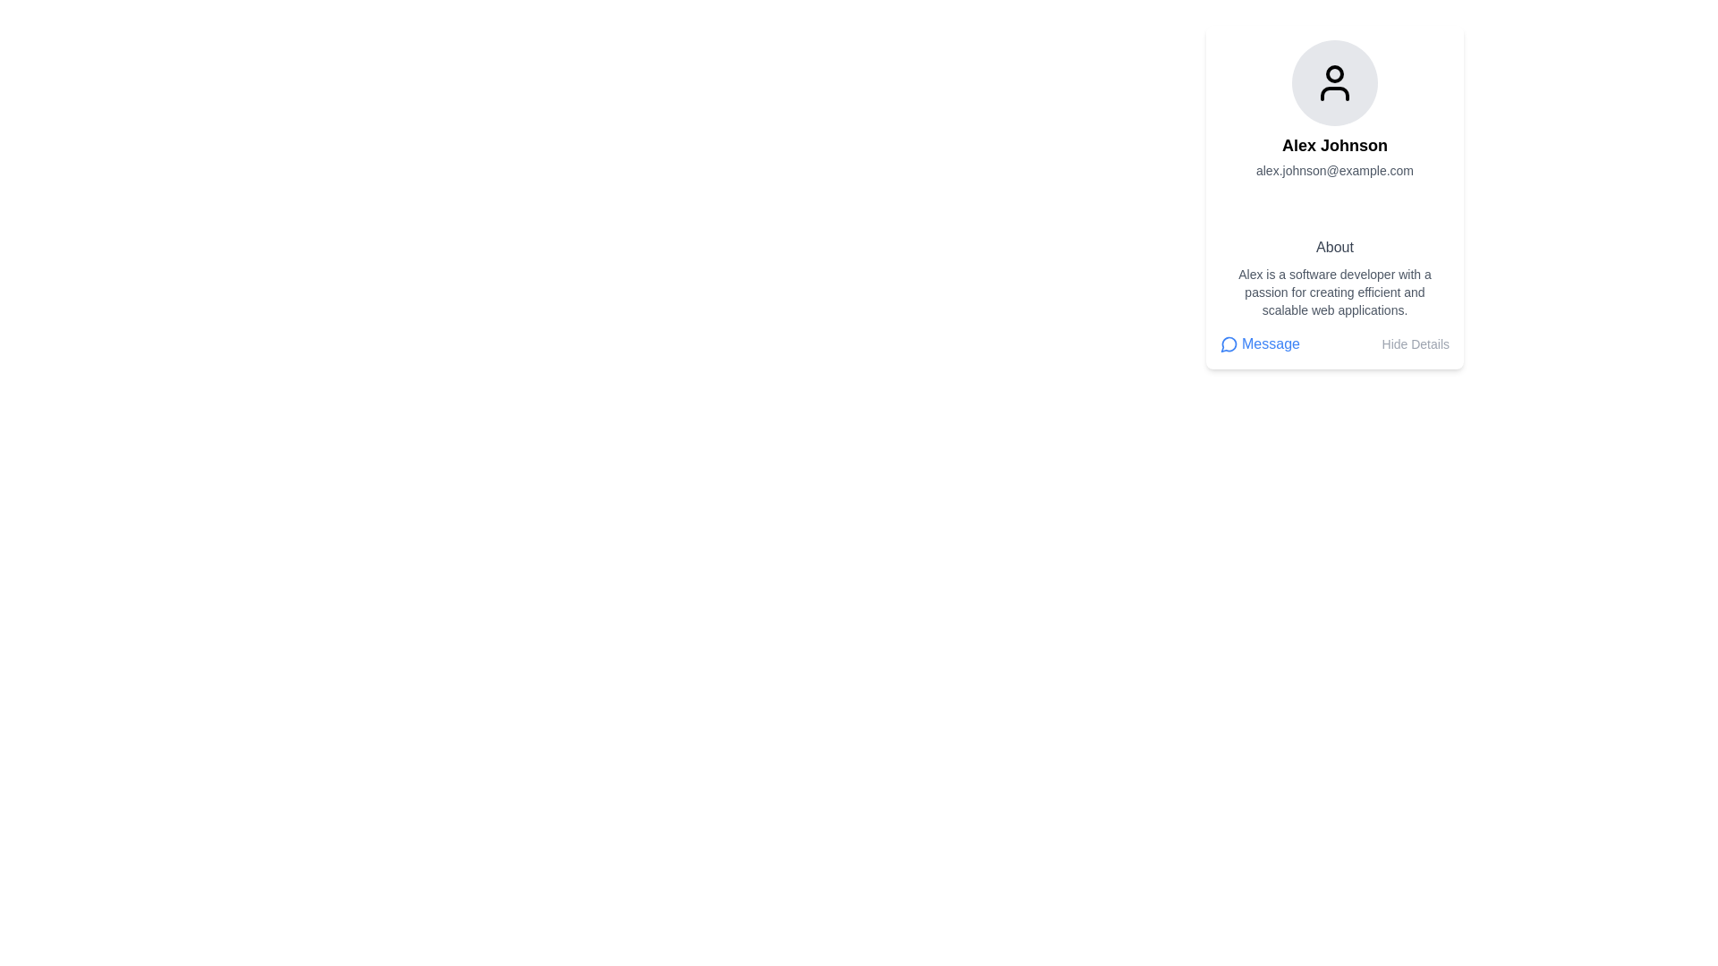 The image size is (1718, 966). I want to click on the user icon SVG element, which is a minimalist outline of a person, located at the upper center of the user profile card, so click(1335, 82).